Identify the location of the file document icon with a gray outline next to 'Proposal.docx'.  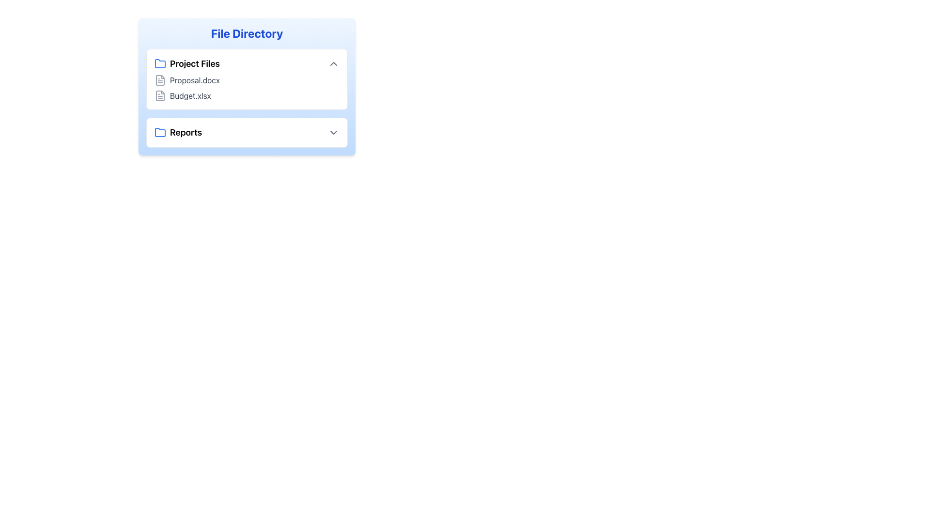
(160, 79).